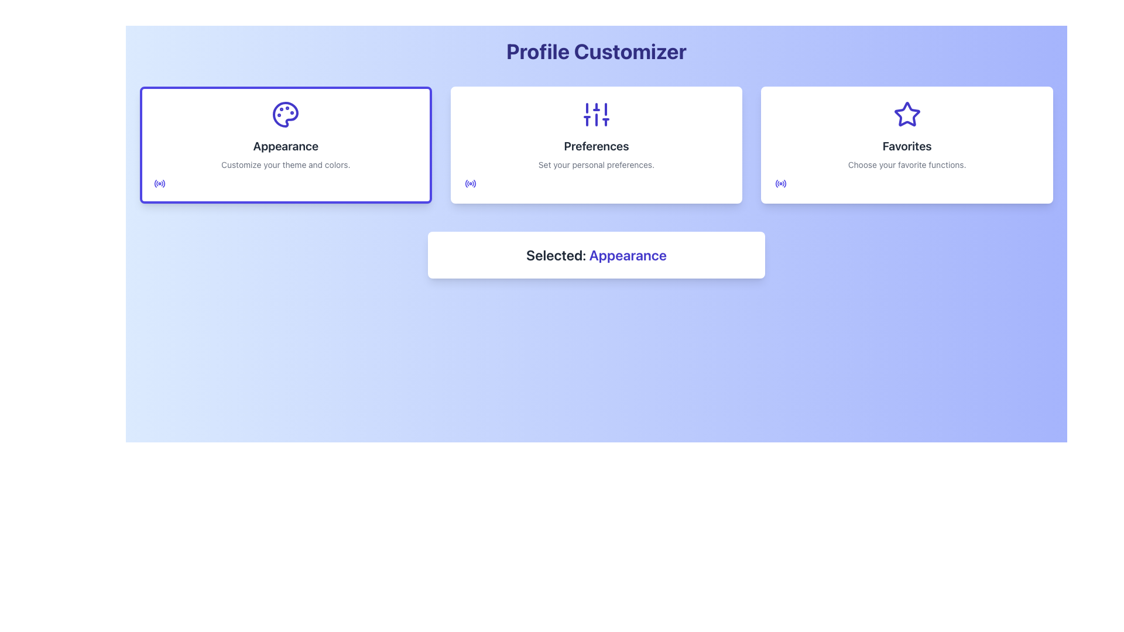 The height and width of the screenshot is (632, 1124). What do you see at coordinates (906, 115) in the screenshot?
I see `the decorative 'Favorites' icon located at the top center of the 'Favorites' card, which is the rightmost card in the row, positioned directly above the 'Favorites' text label` at bounding box center [906, 115].